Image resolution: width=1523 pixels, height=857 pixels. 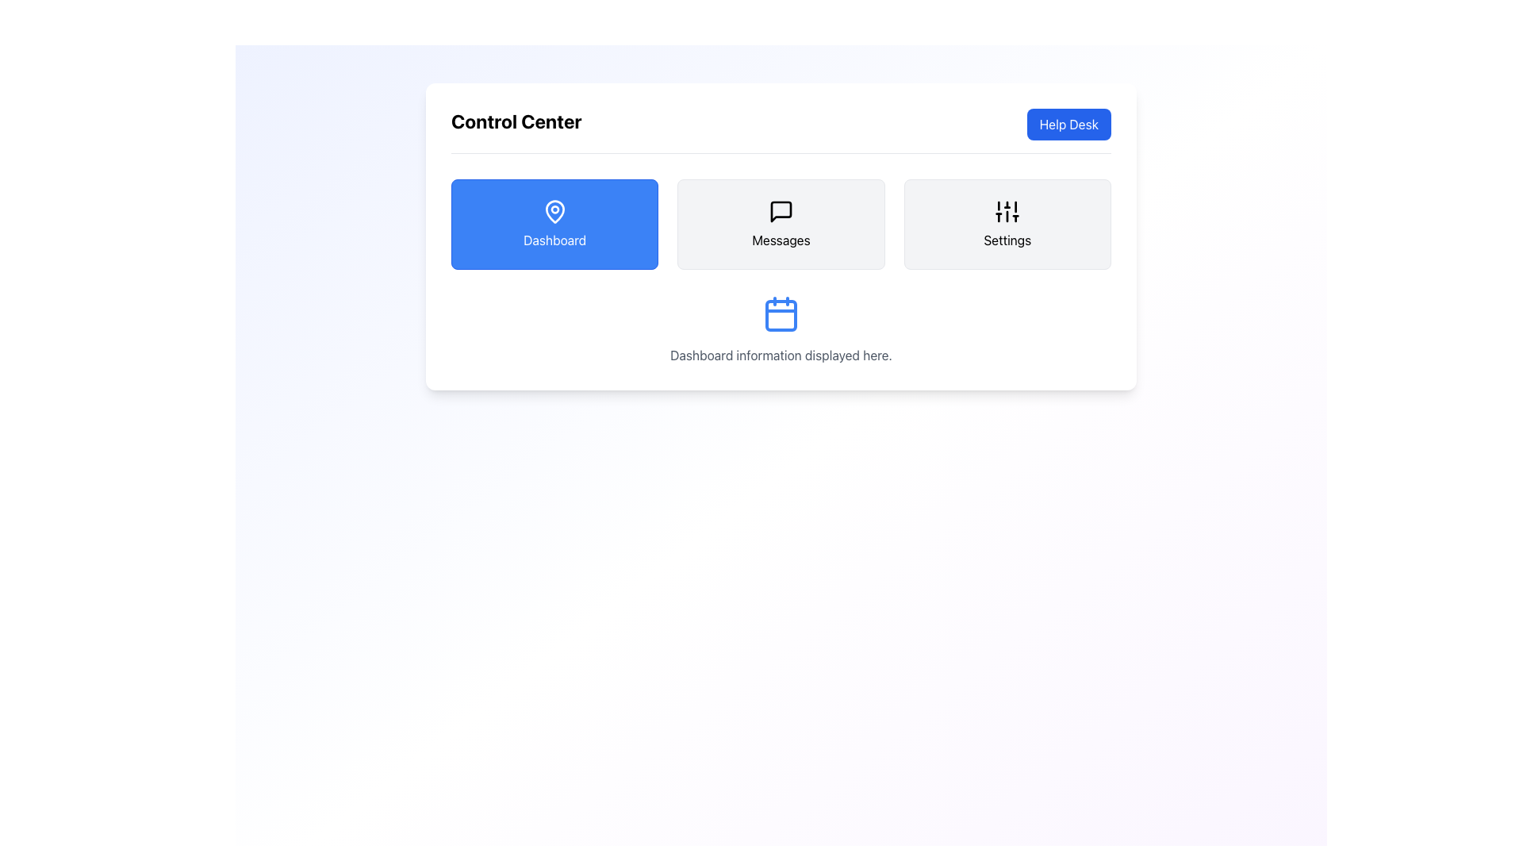 What do you see at coordinates (781, 210) in the screenshot?
I see `the modern outline design graphic icon representing a square conversation bubble located in the 'Messages' section of the interface` at bounding box center [781, 210].